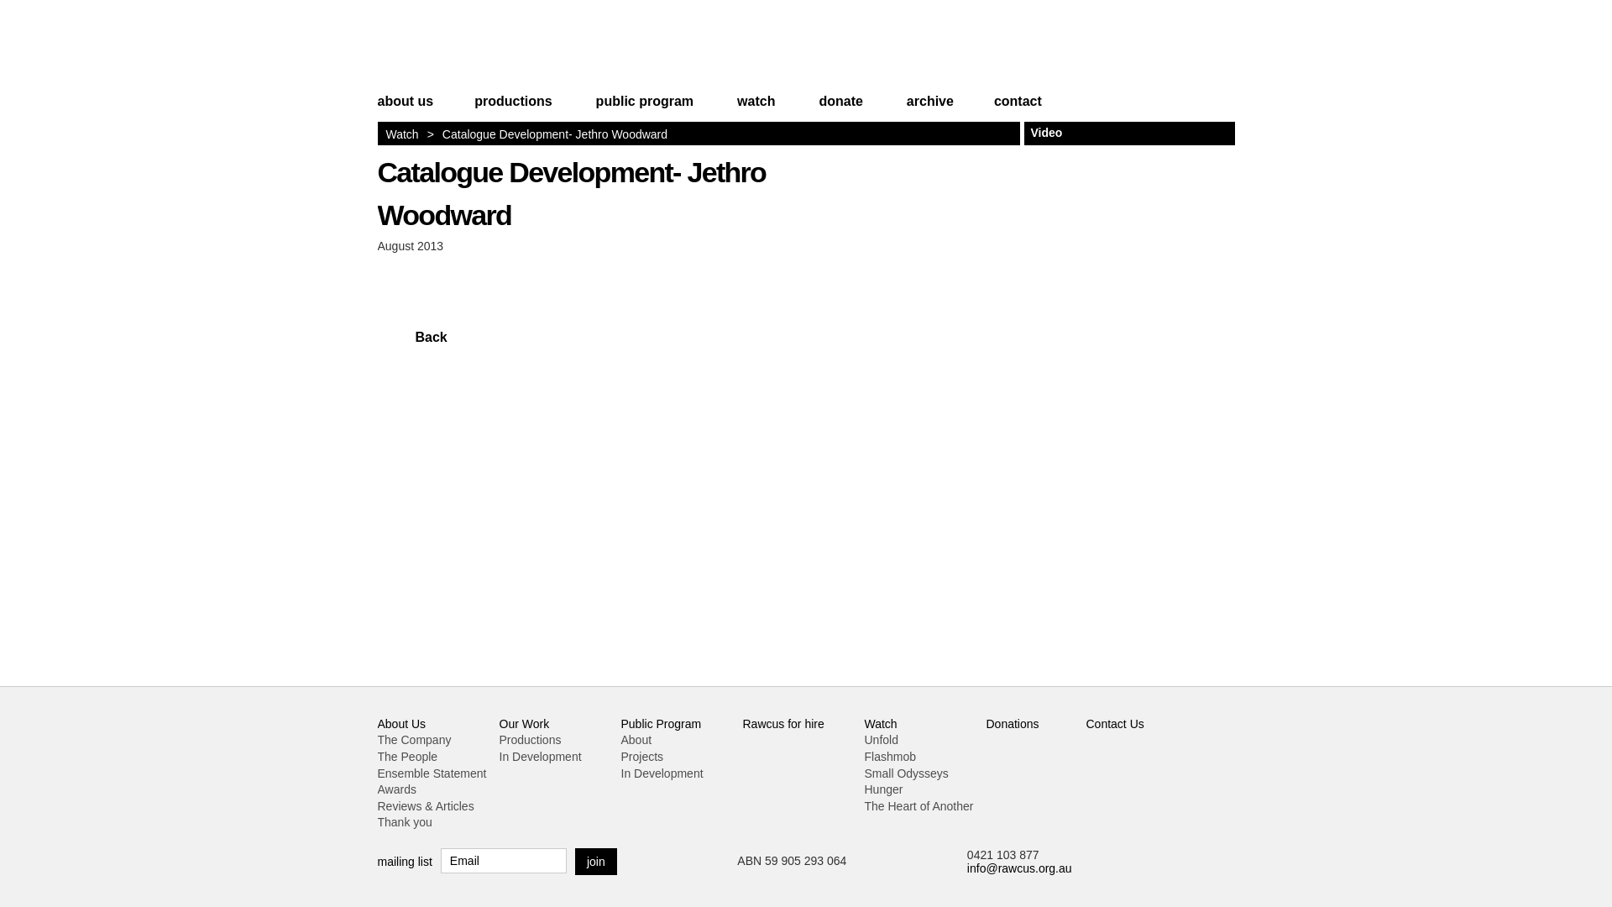 This screenshot has height=907, width=1612. I want to click on 'Watch', so click(401, 133).